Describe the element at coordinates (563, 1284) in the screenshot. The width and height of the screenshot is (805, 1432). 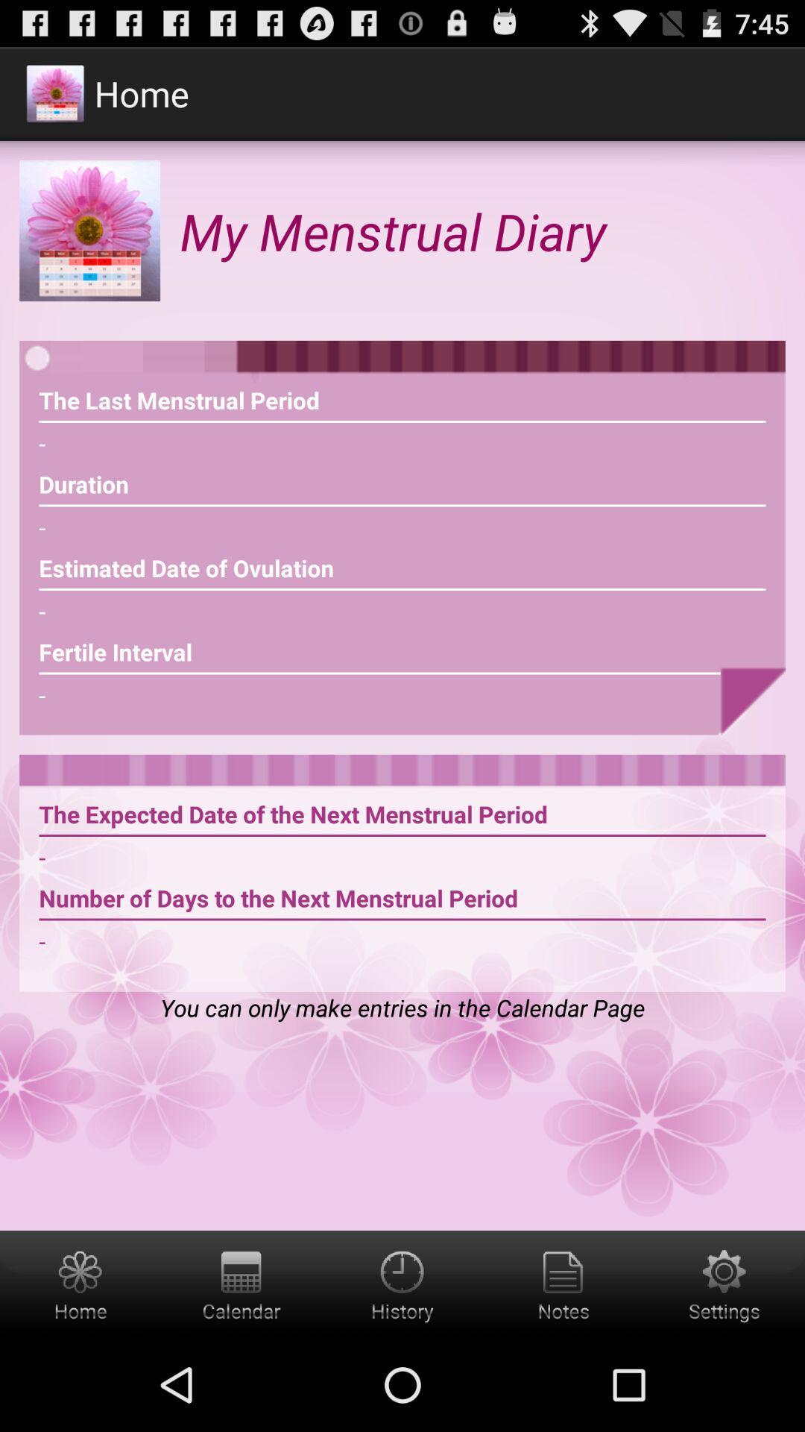
I see `notes` at that location.